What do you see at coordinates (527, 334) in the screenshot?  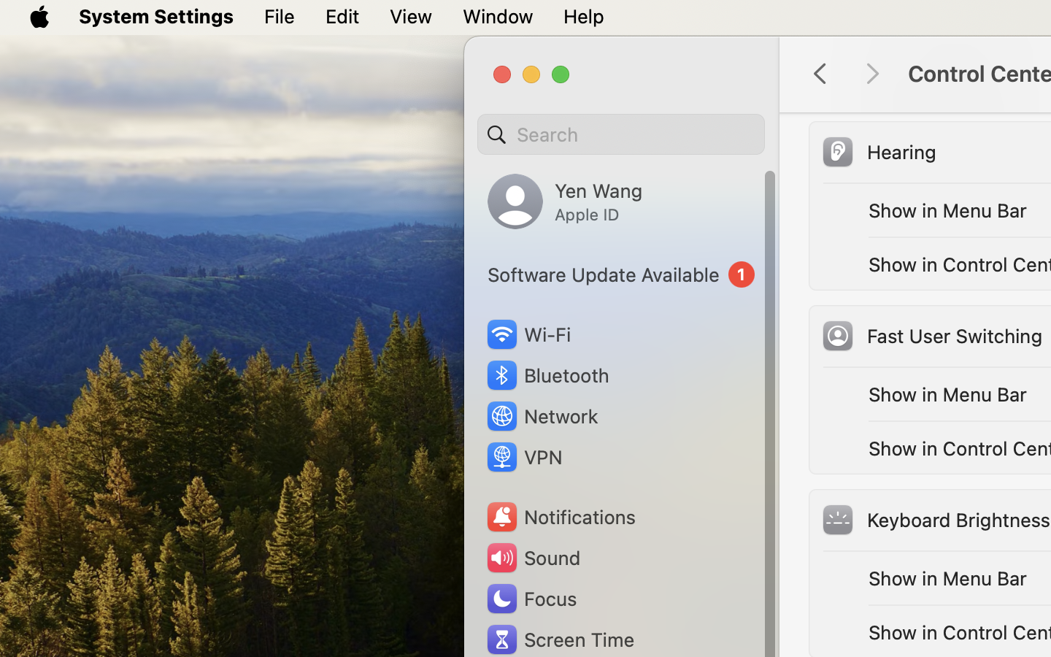 I see `'Wi‑Fi'` at bounding box center [527, 334].